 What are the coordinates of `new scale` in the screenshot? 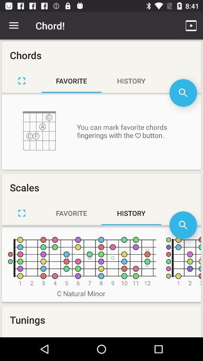 It's located at (22, 213).